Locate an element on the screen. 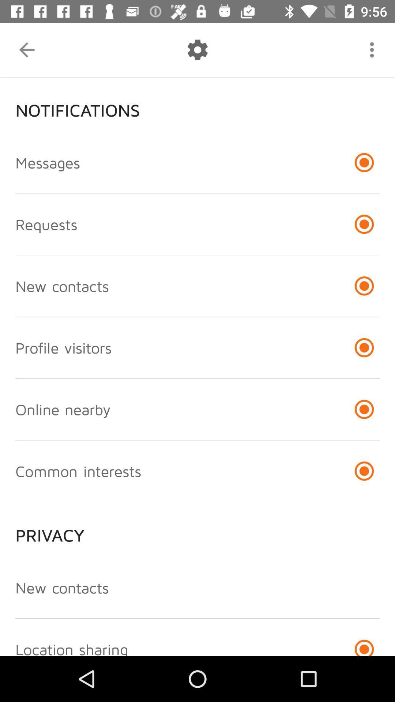  location sharing is located at coordinates (72, 648).